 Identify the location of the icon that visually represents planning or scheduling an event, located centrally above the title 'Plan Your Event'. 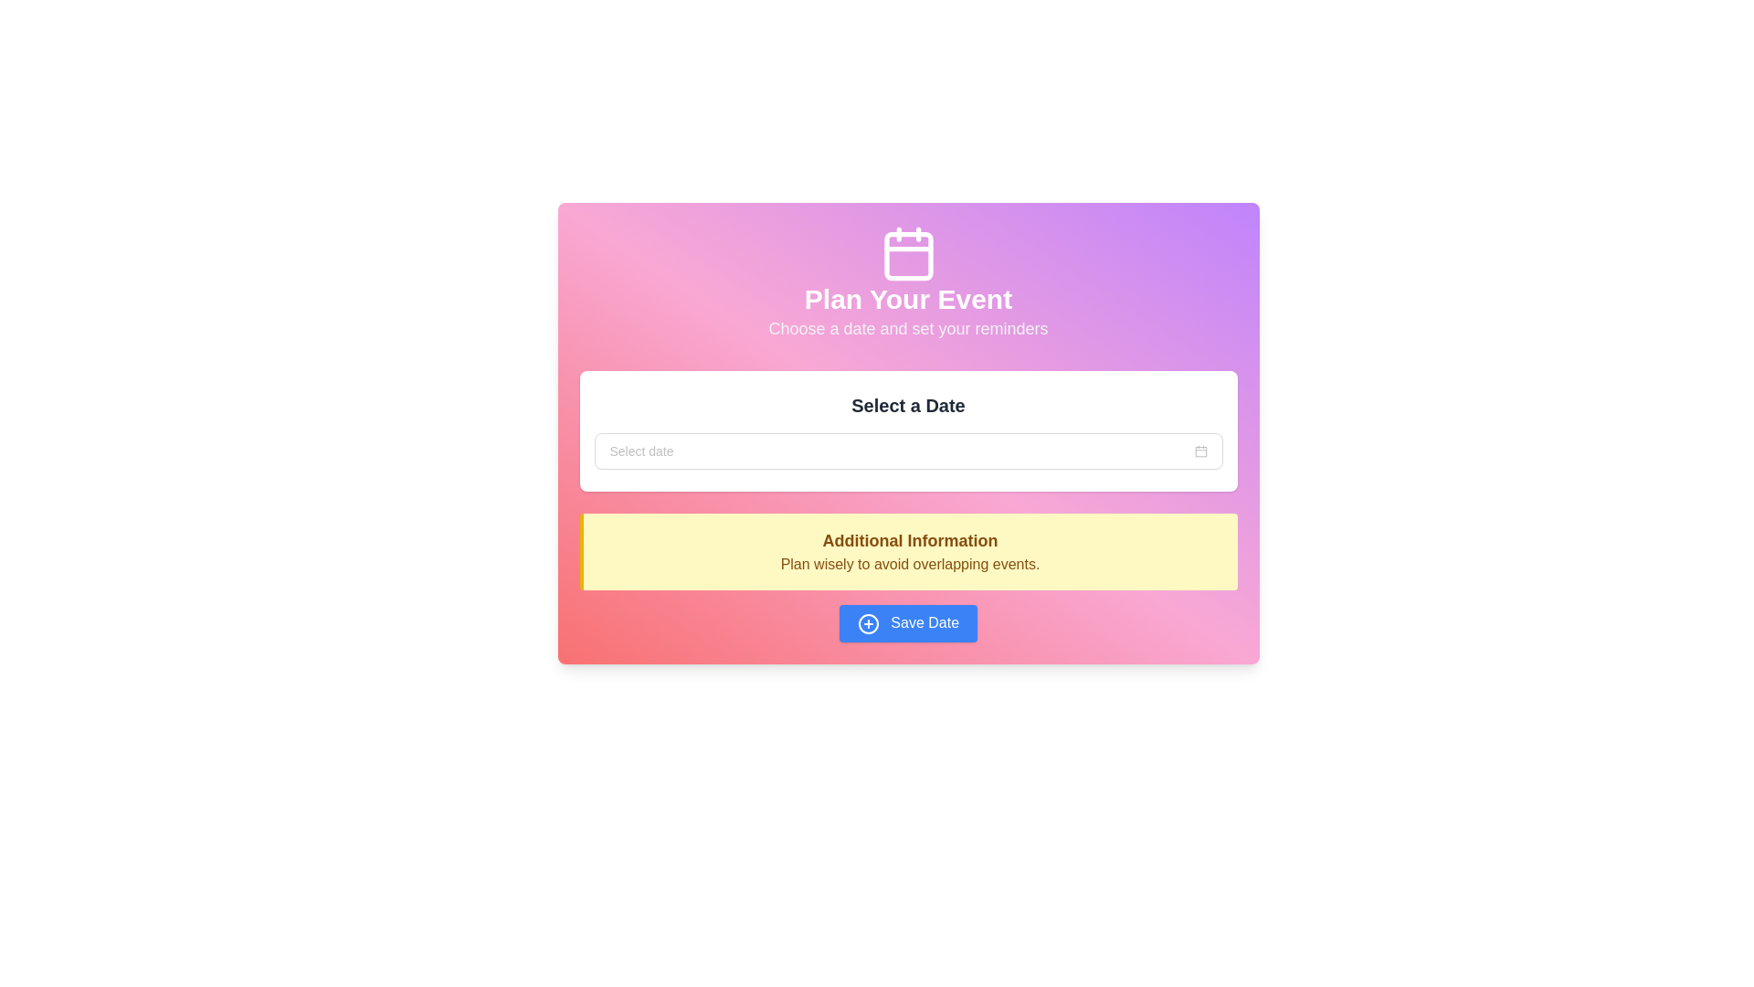
(908, 253).